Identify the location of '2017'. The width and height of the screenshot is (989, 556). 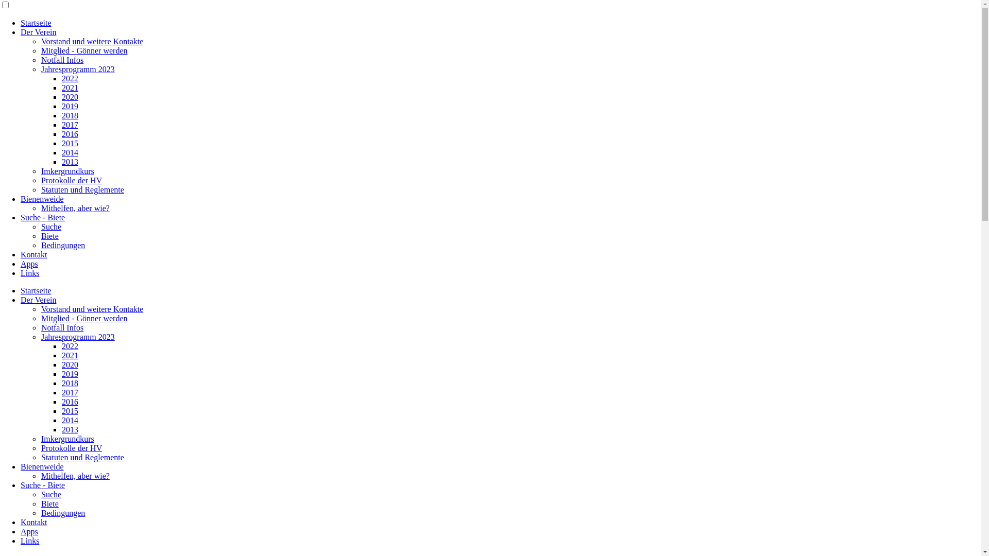
(69, 124).